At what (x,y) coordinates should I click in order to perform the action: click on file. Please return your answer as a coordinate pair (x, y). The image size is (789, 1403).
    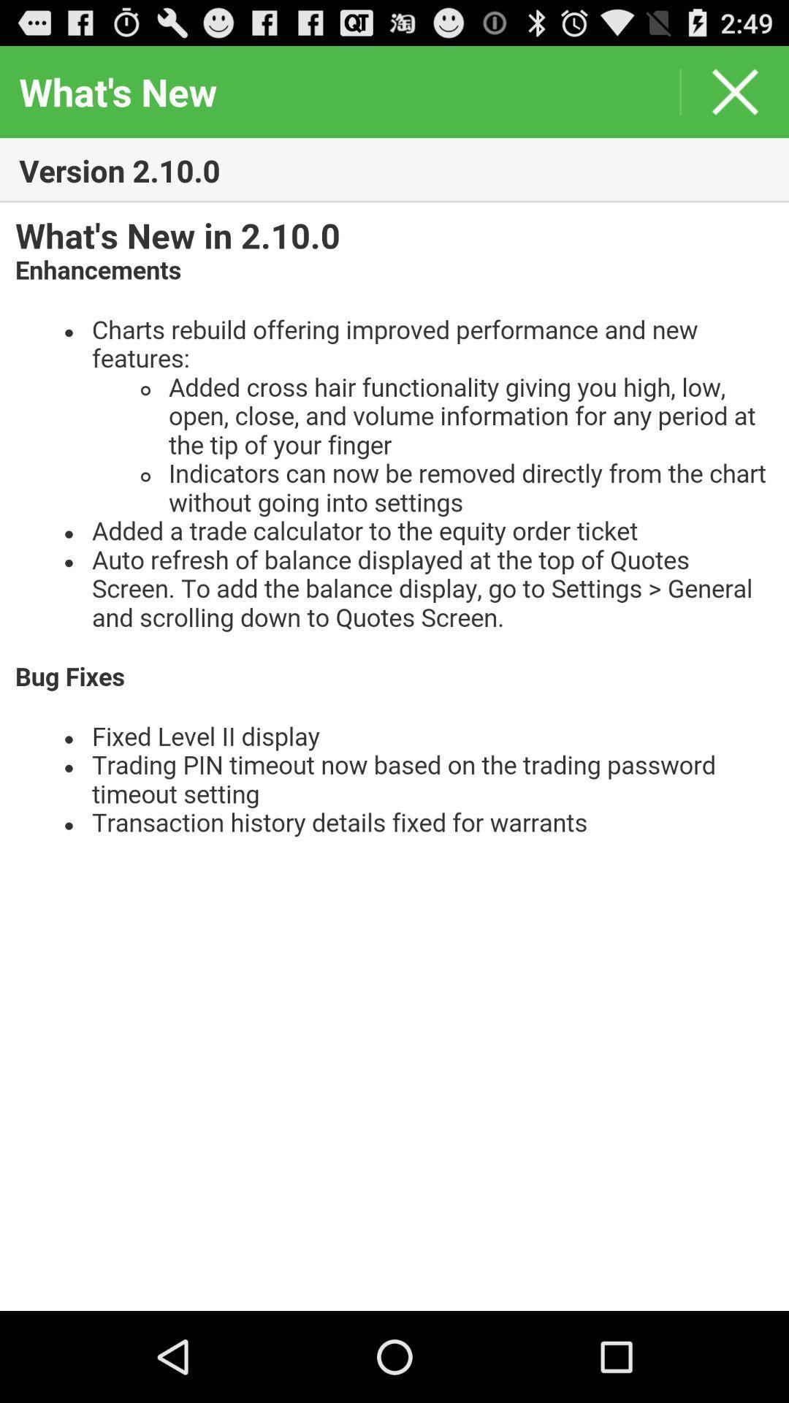
    Looking at the image, I should click on (394, 756).